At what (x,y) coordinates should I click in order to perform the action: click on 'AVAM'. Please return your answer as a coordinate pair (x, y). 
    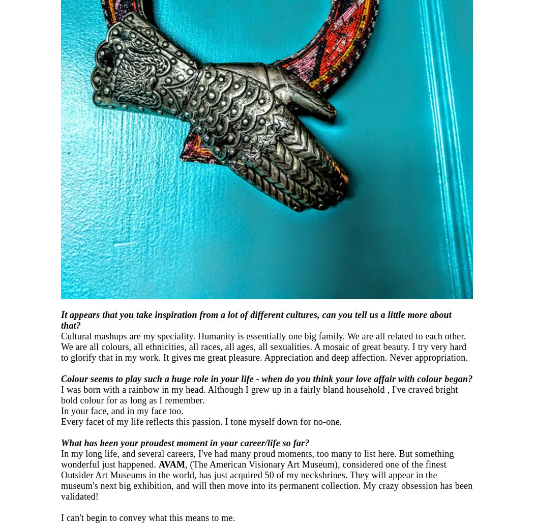
    Looking at the image, I should click on (171, 464).